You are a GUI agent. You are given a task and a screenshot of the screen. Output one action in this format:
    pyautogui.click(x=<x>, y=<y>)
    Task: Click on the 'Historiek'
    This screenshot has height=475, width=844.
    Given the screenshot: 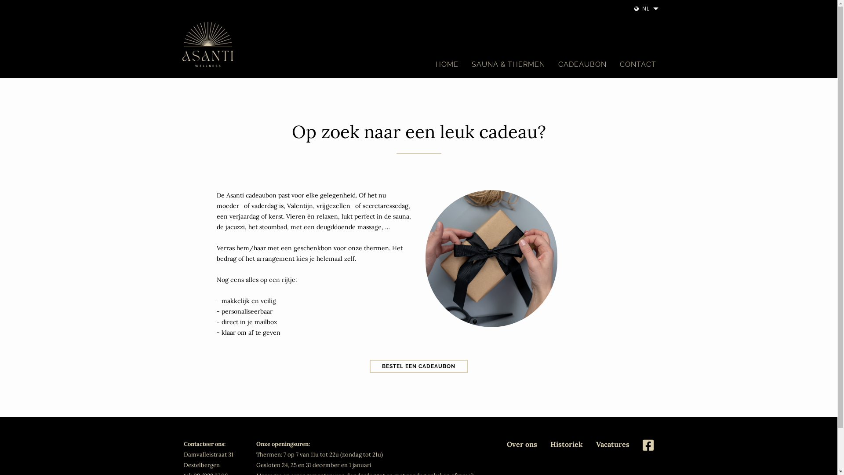 What is the action you would take?
    pyautogui.click(x=567, y=444)
    